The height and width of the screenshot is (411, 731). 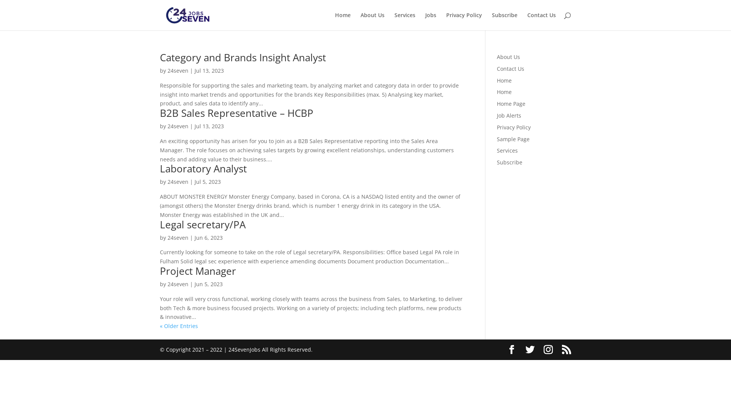 I want to click on 'Home', so click(x=504, y=80).